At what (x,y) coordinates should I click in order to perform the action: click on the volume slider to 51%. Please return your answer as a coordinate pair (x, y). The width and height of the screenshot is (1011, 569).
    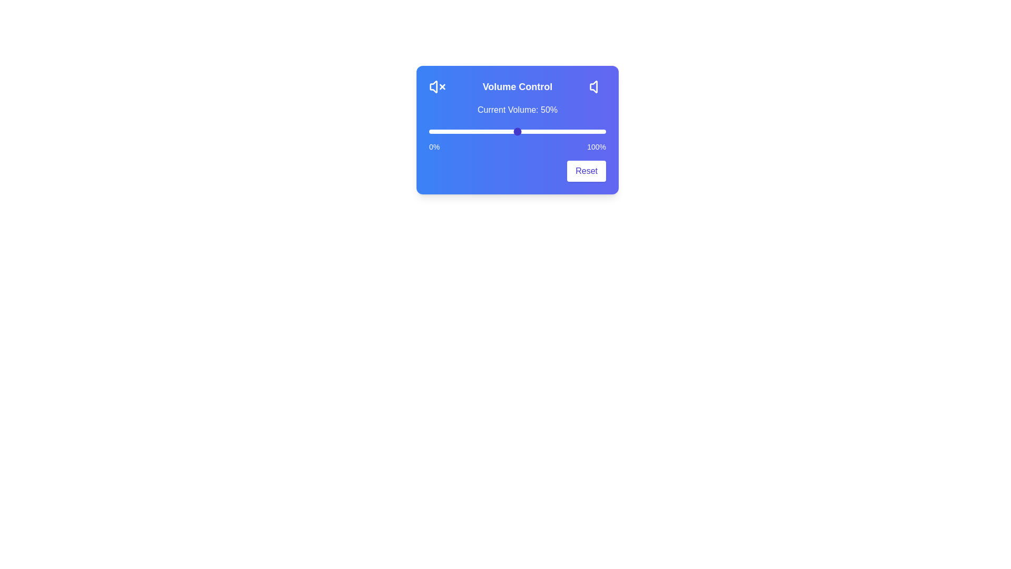
    Looking at the image, I should click on (519, 131).